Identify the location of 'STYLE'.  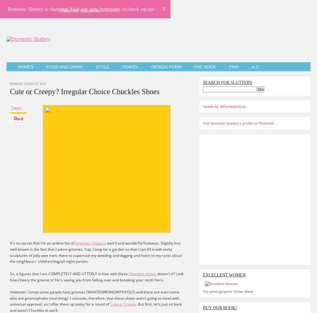
(102, 67).